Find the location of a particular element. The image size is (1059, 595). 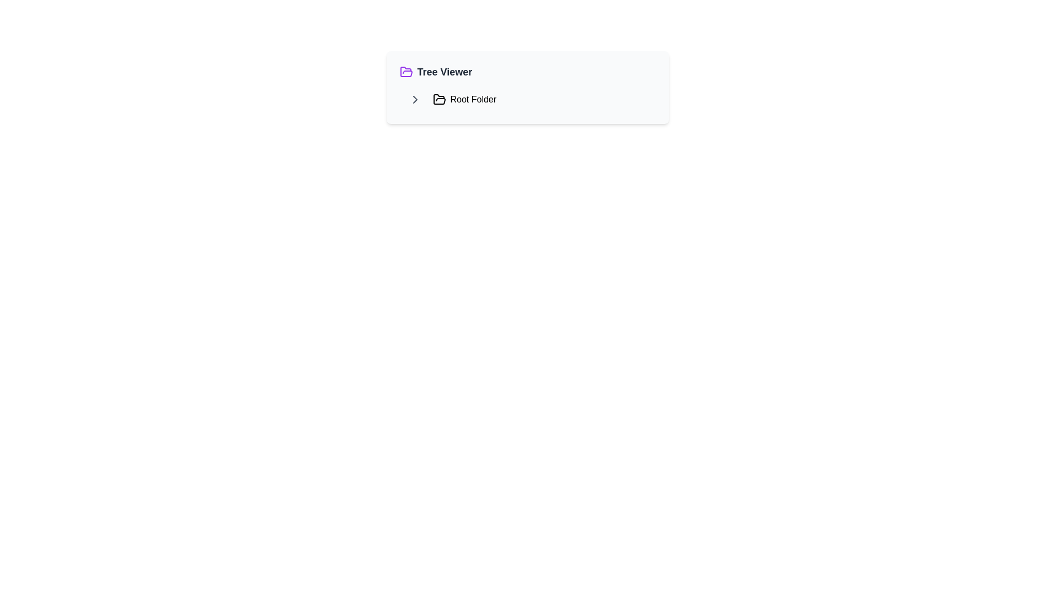

the small, pointed-arrow icon located to the right of the 'Root Folder' label within the folder structure is located at coordinates (414, 100).